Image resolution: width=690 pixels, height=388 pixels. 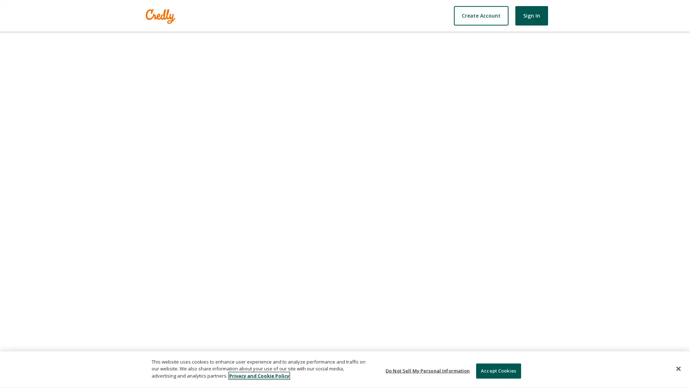 I want to click on Accept Cookies, so click(x=498, y=371).